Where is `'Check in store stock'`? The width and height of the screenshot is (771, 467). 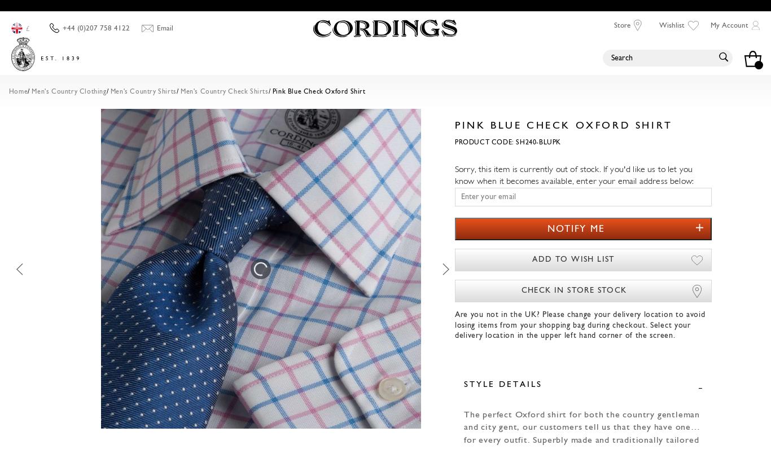
'Check in store stock' is located at coordinates (573, 290).